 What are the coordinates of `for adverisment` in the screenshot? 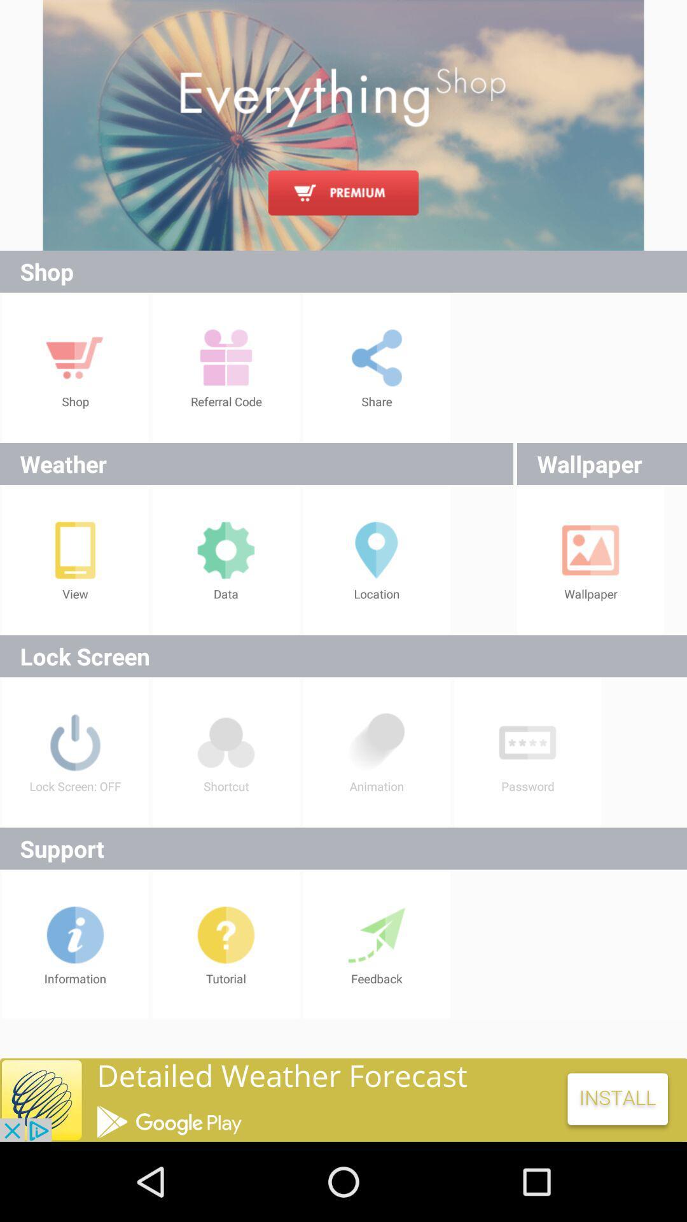 It's located at (343, 125).